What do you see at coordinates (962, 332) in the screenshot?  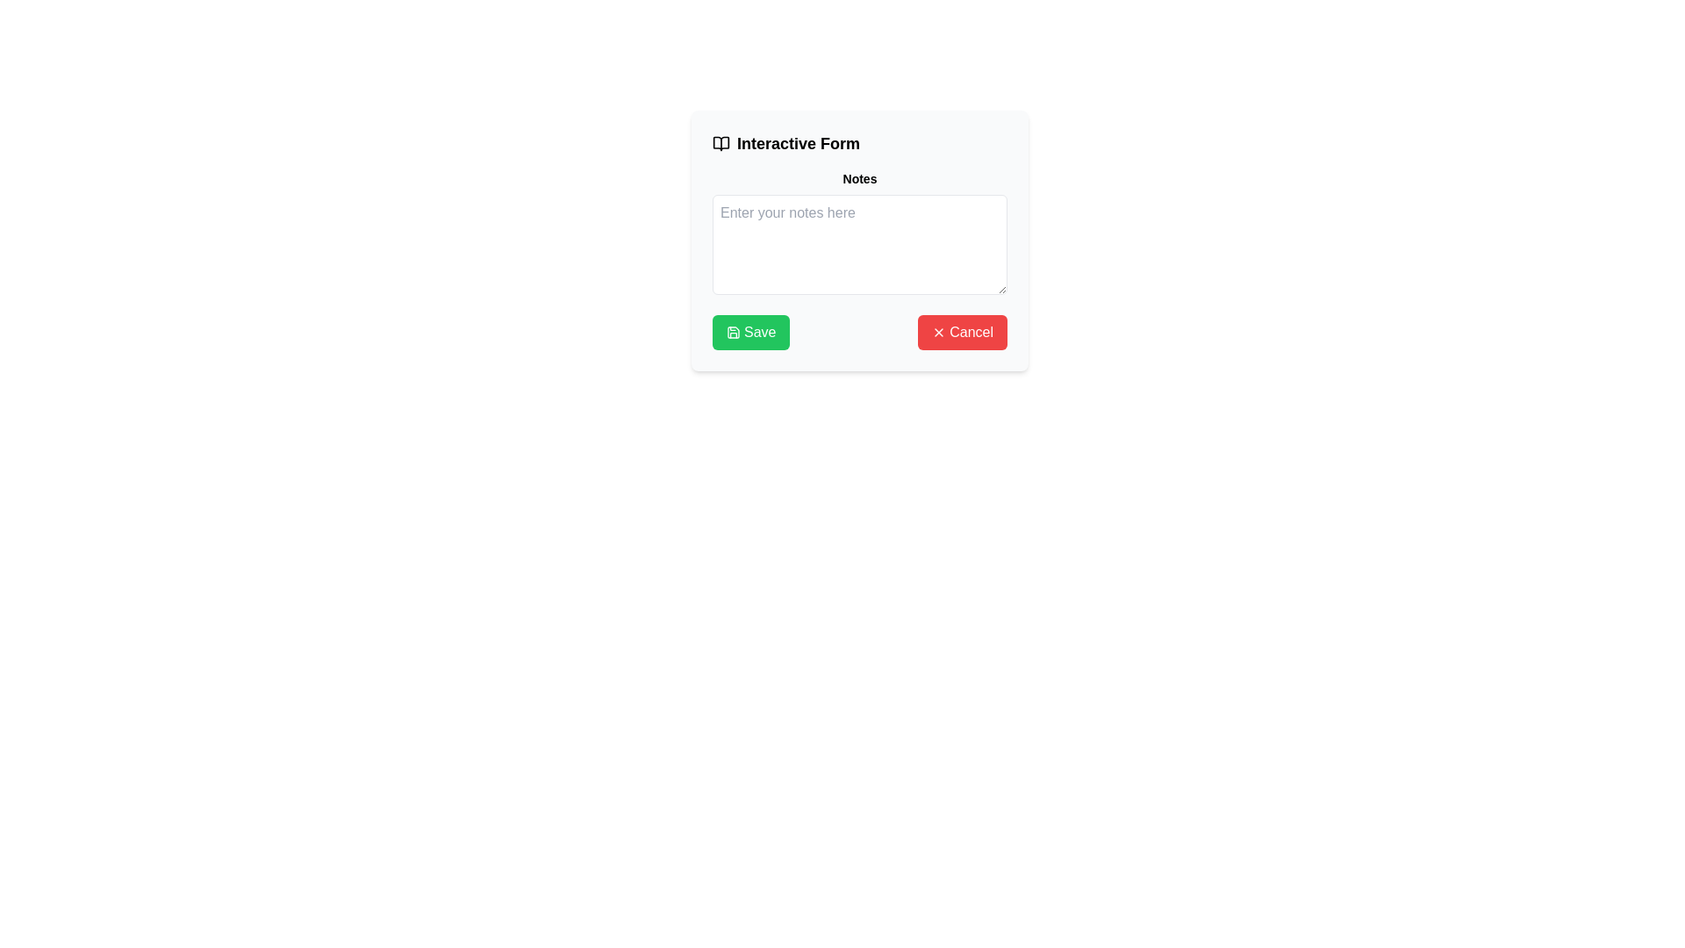 I see `the 'Cancel' button with a red background and white text, located towards the bottom-right corner of the interface` at bounding box center [962, 332].